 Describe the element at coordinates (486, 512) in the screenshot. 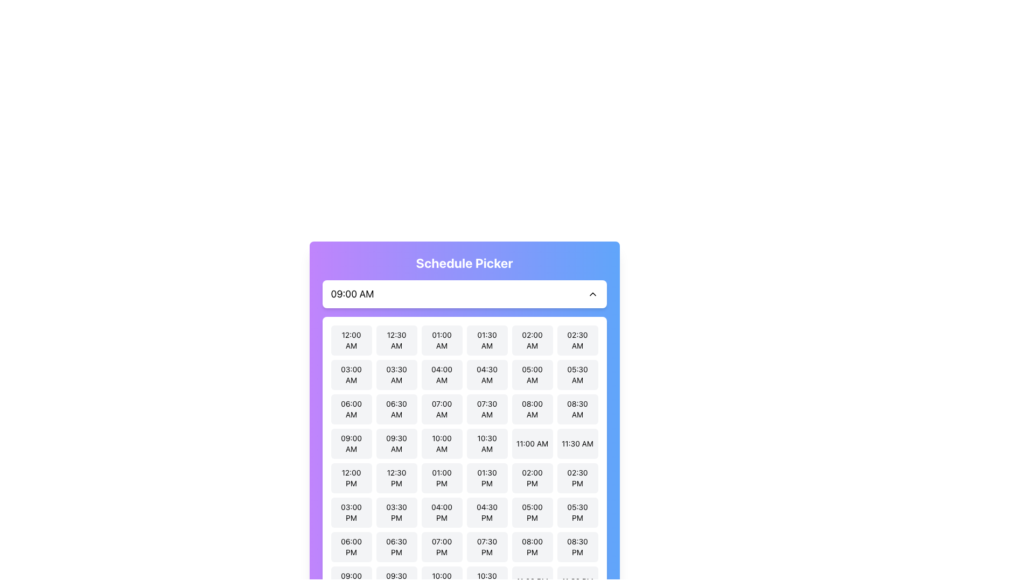

I see `the button displaying '04:30 PM' located in the sixth row and fourth column of the 'Schedule Picker'` at that location.